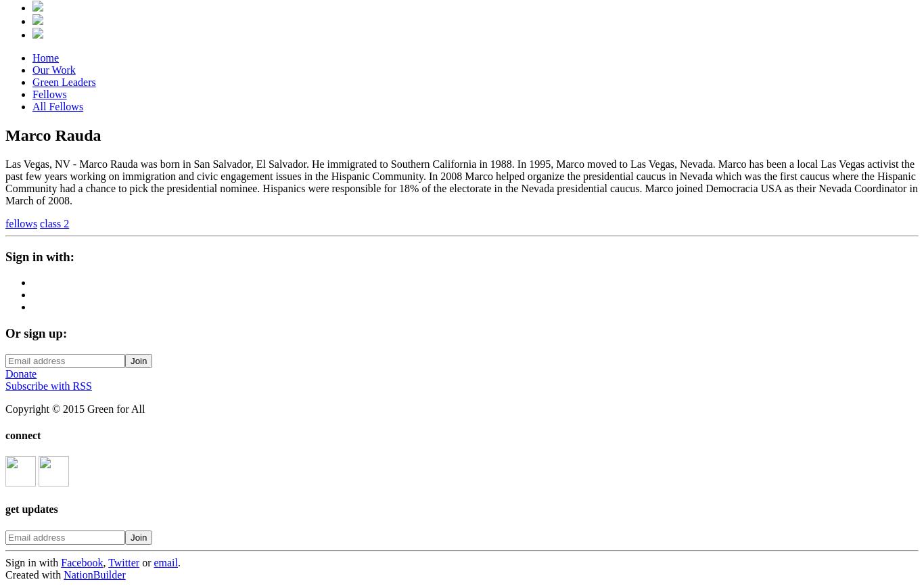 This screenshot has height=586, width=924. What do you see at coordinates (31, 508) in the screenshot?
I see `'get updates'` at bounding box center [31, 508].